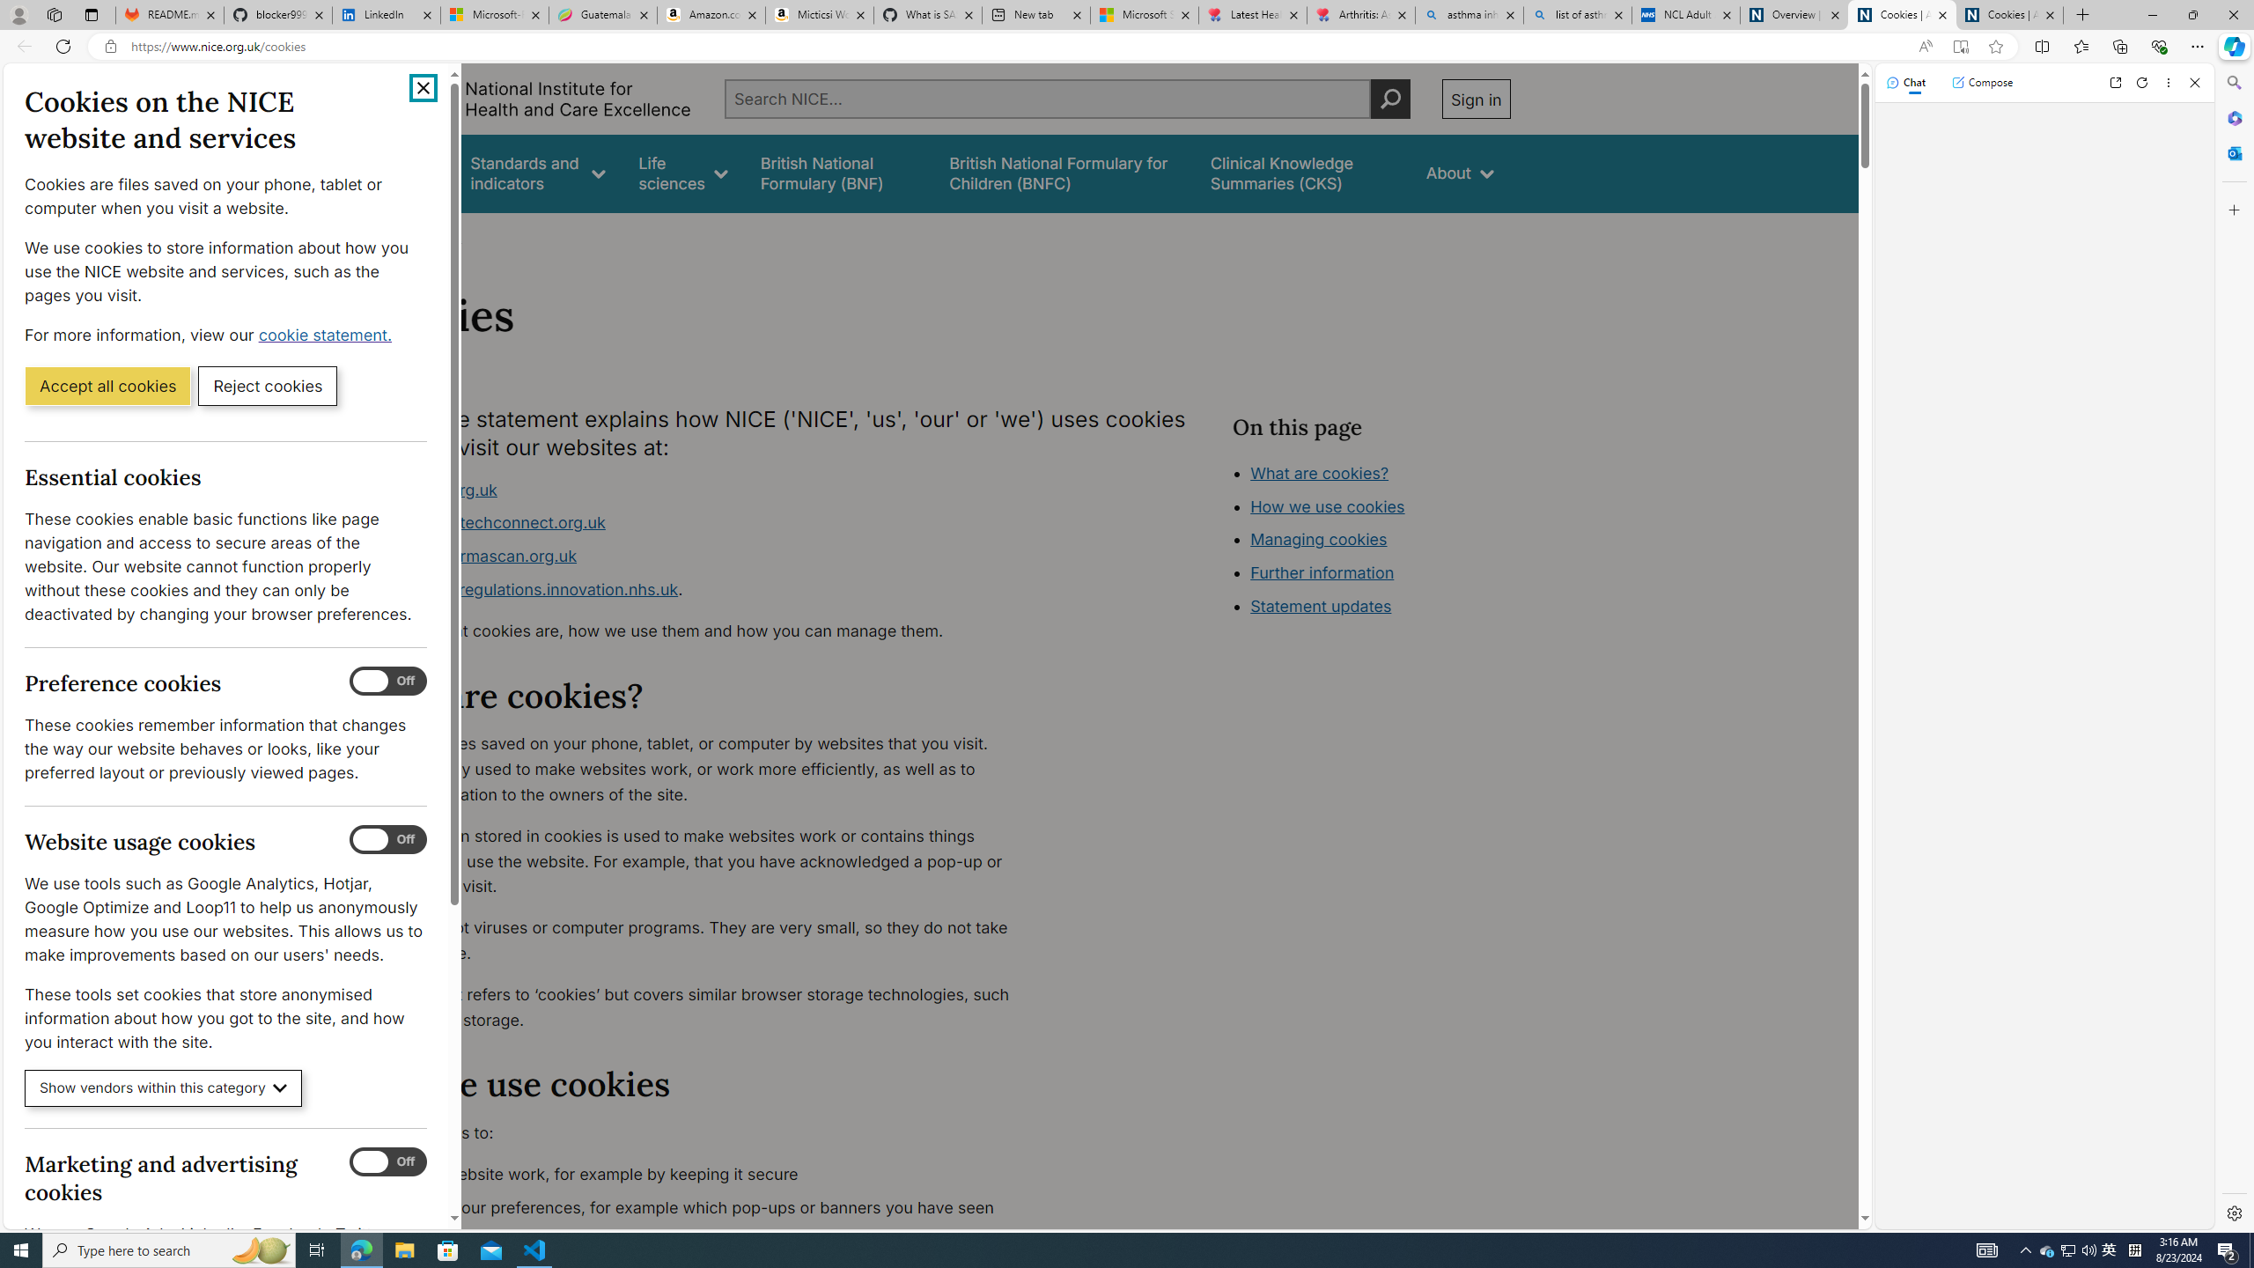  I want to click on 'Close cookie banner', so click(424, 87).